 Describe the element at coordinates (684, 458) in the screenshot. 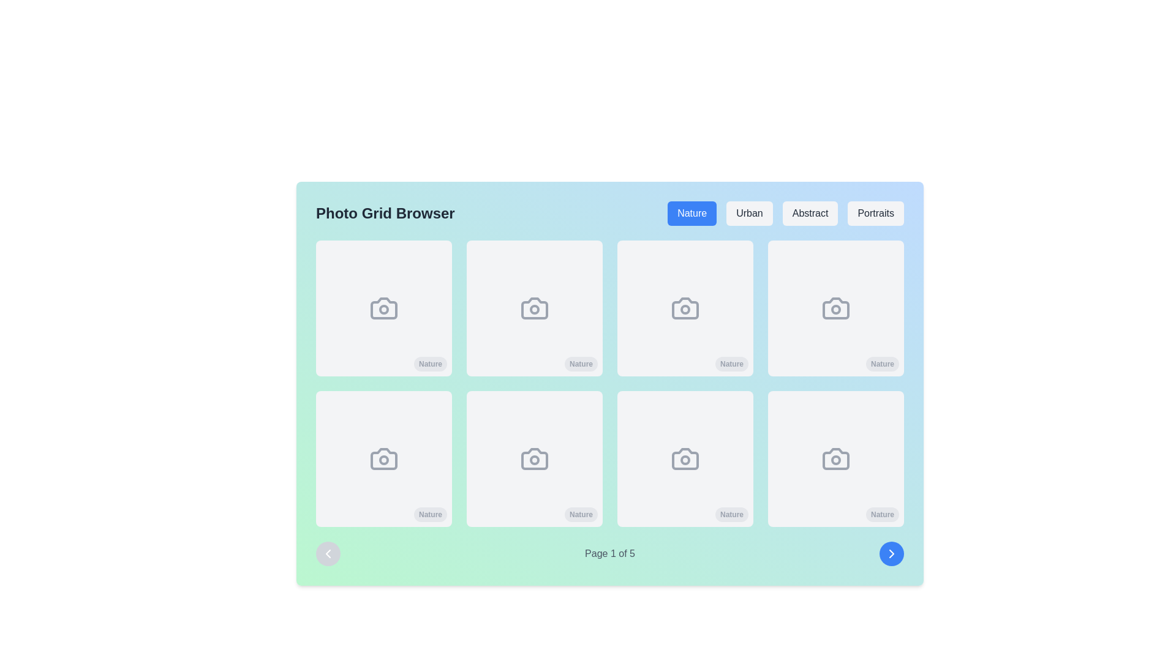

I see `the static display box showcasing information related to 'Nature', which features a gray camera icon and a rounded badge labeled 'Nature' at the bottom right corner` at that location.